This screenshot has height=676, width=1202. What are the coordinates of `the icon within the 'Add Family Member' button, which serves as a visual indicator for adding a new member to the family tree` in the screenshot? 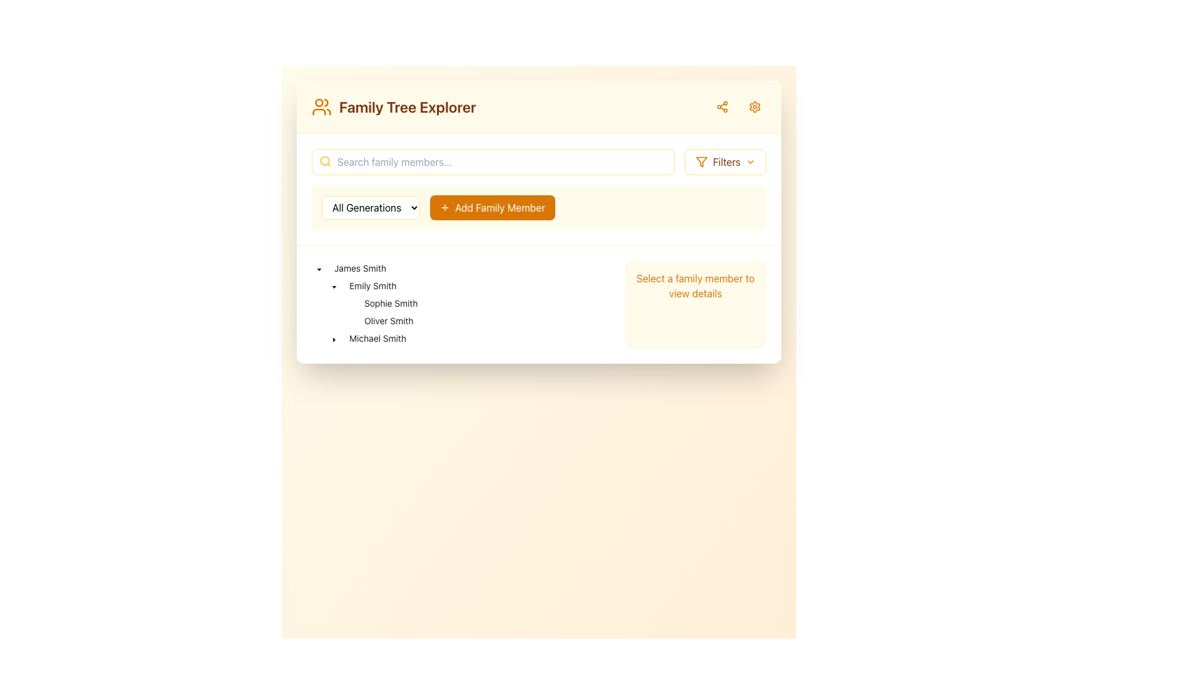 It's located at (444, 207).